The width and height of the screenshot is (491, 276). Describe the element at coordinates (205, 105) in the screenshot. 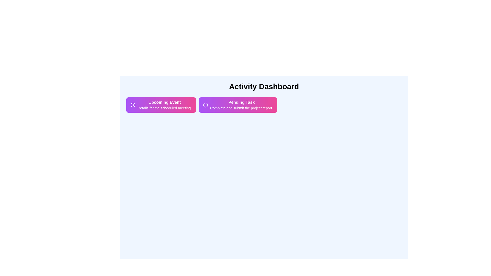

I see `the icon of Pending Task chip` at that location.